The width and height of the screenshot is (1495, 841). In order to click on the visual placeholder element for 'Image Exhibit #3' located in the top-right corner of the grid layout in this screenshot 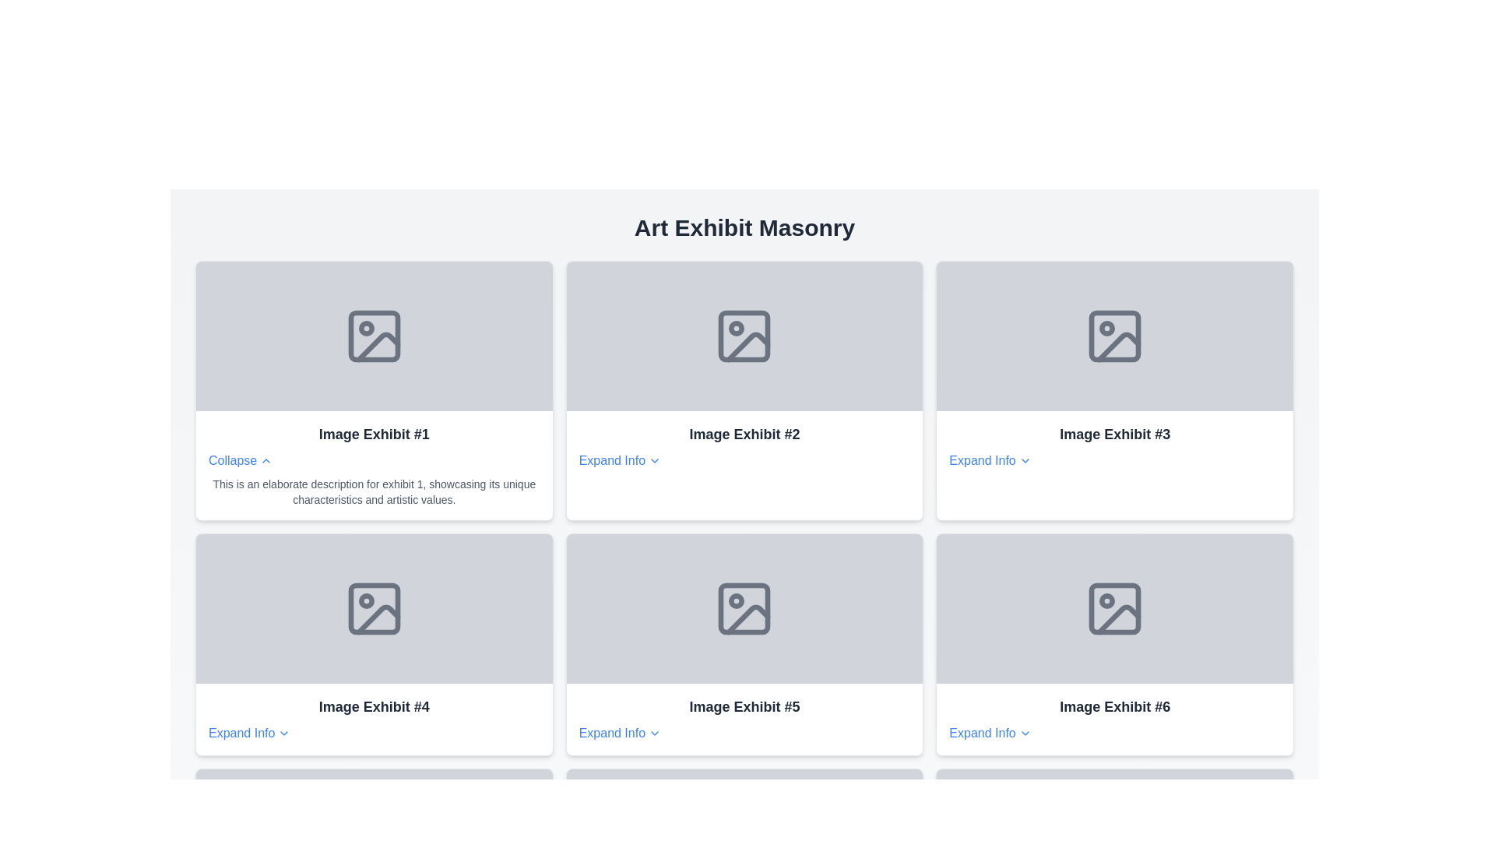, I will do `click(1114, 336)`.